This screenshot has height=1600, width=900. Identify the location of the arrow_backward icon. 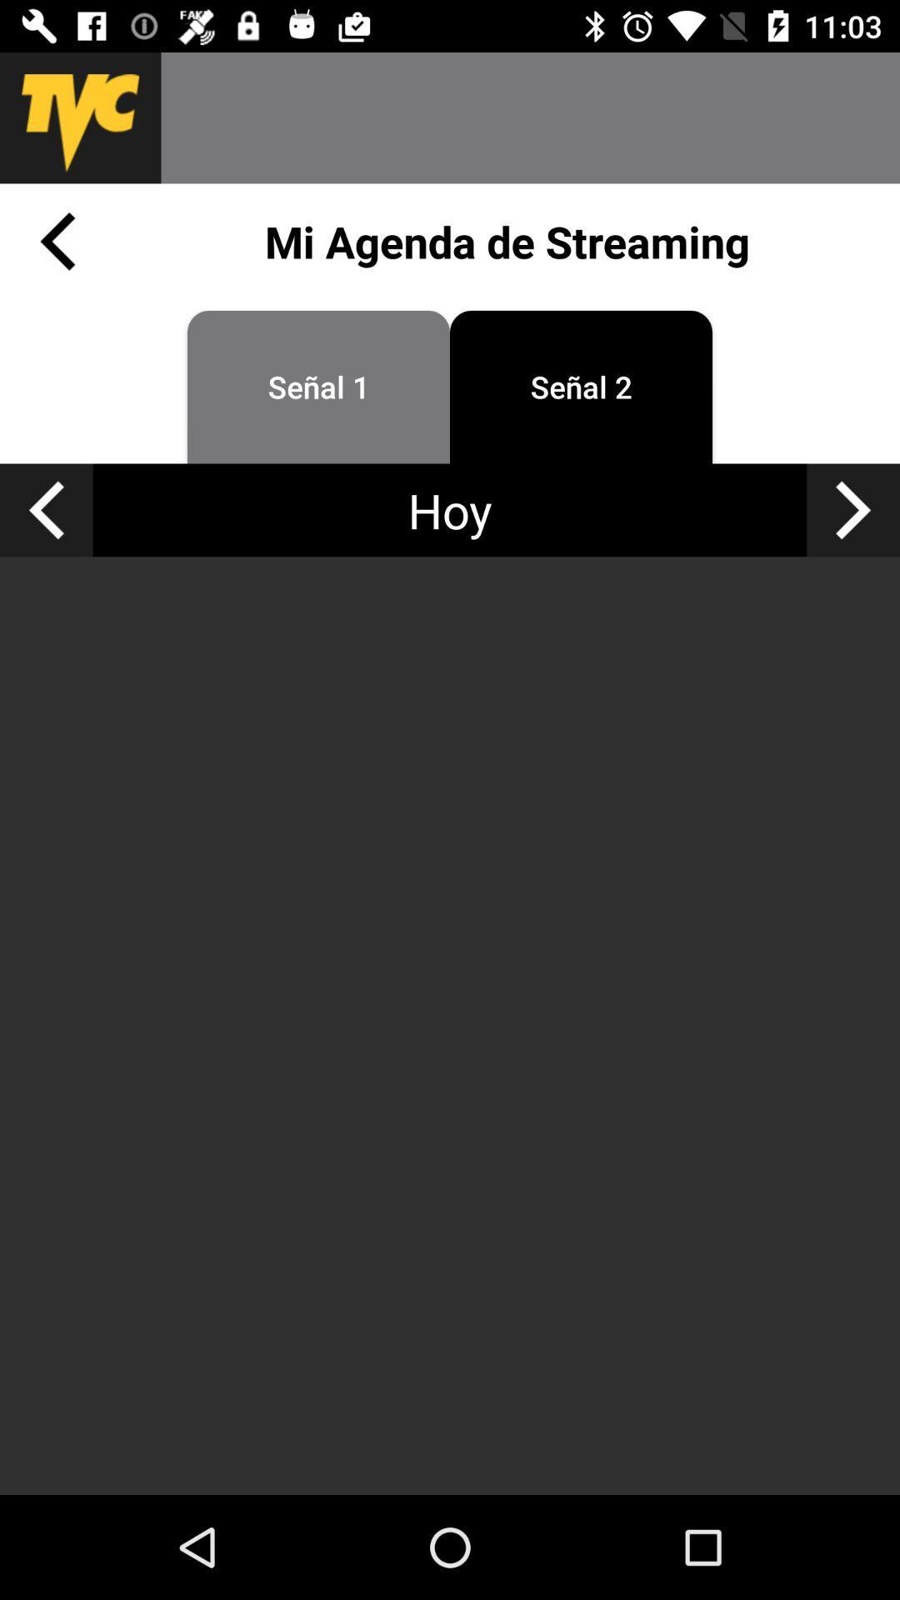
(45, 509).